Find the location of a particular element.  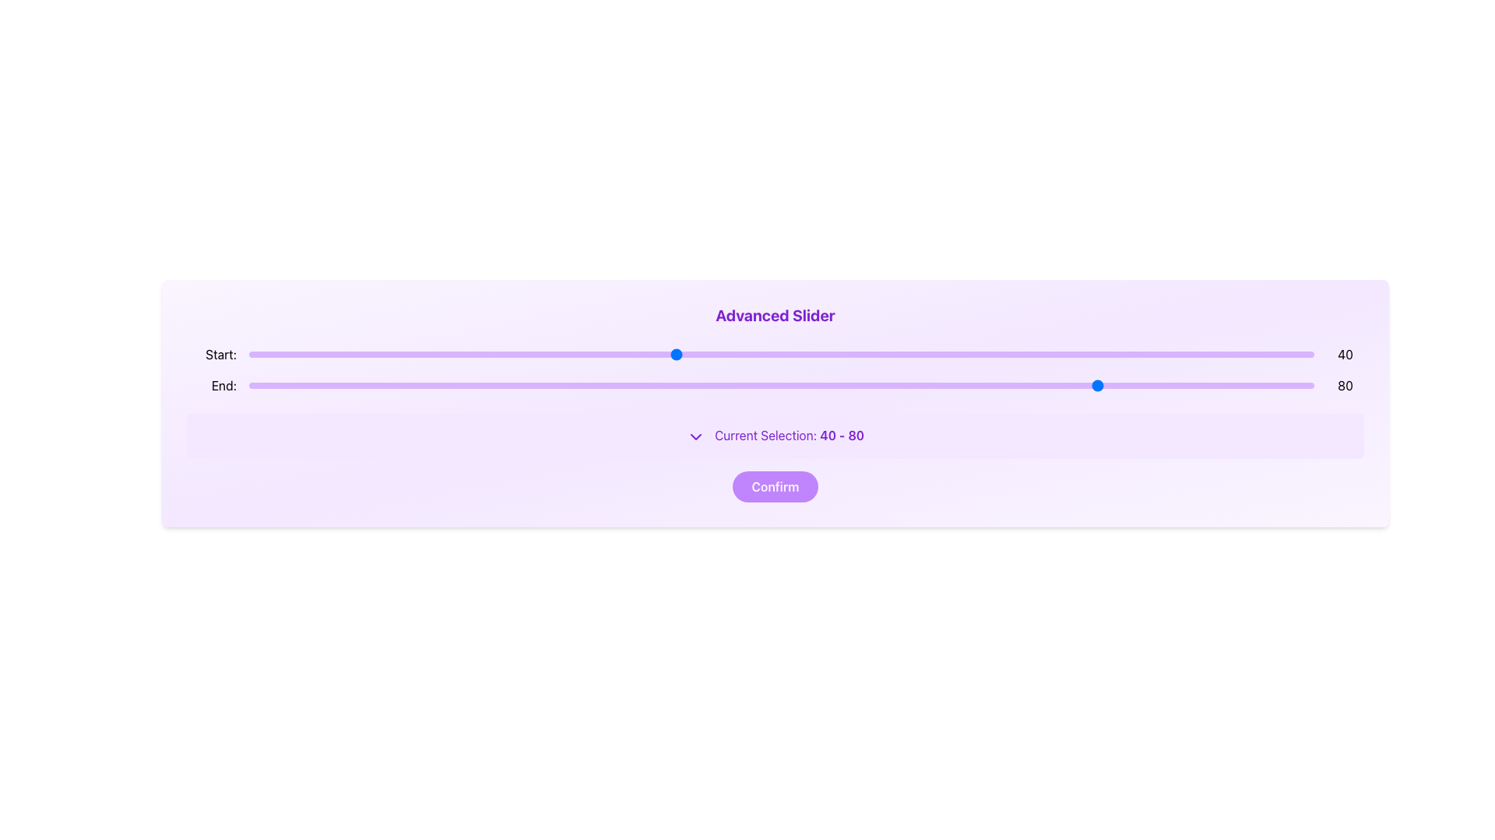

the 'End' value is located at coordinates (344, 385).